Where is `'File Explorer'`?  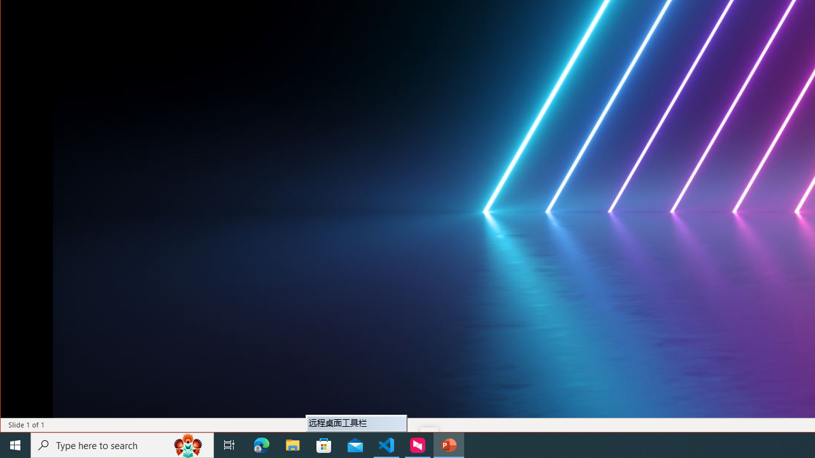
'File Explorer' is located at coordinates (292, 444).